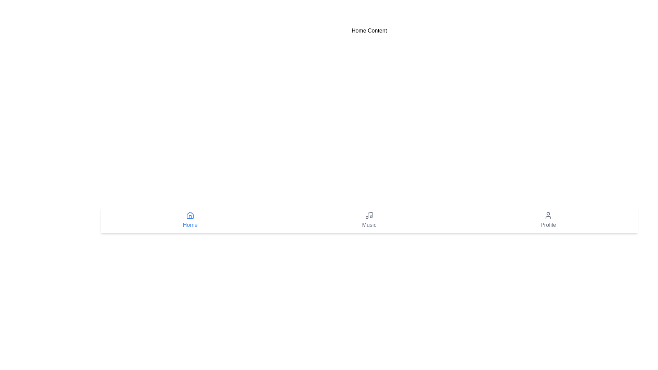 The width and height of the screenshot is (658, 370). Describe the element at coordinates (369, 220) in the screenshot. I see `the Interactive navigation button located in the footer navigation bar` at that location.